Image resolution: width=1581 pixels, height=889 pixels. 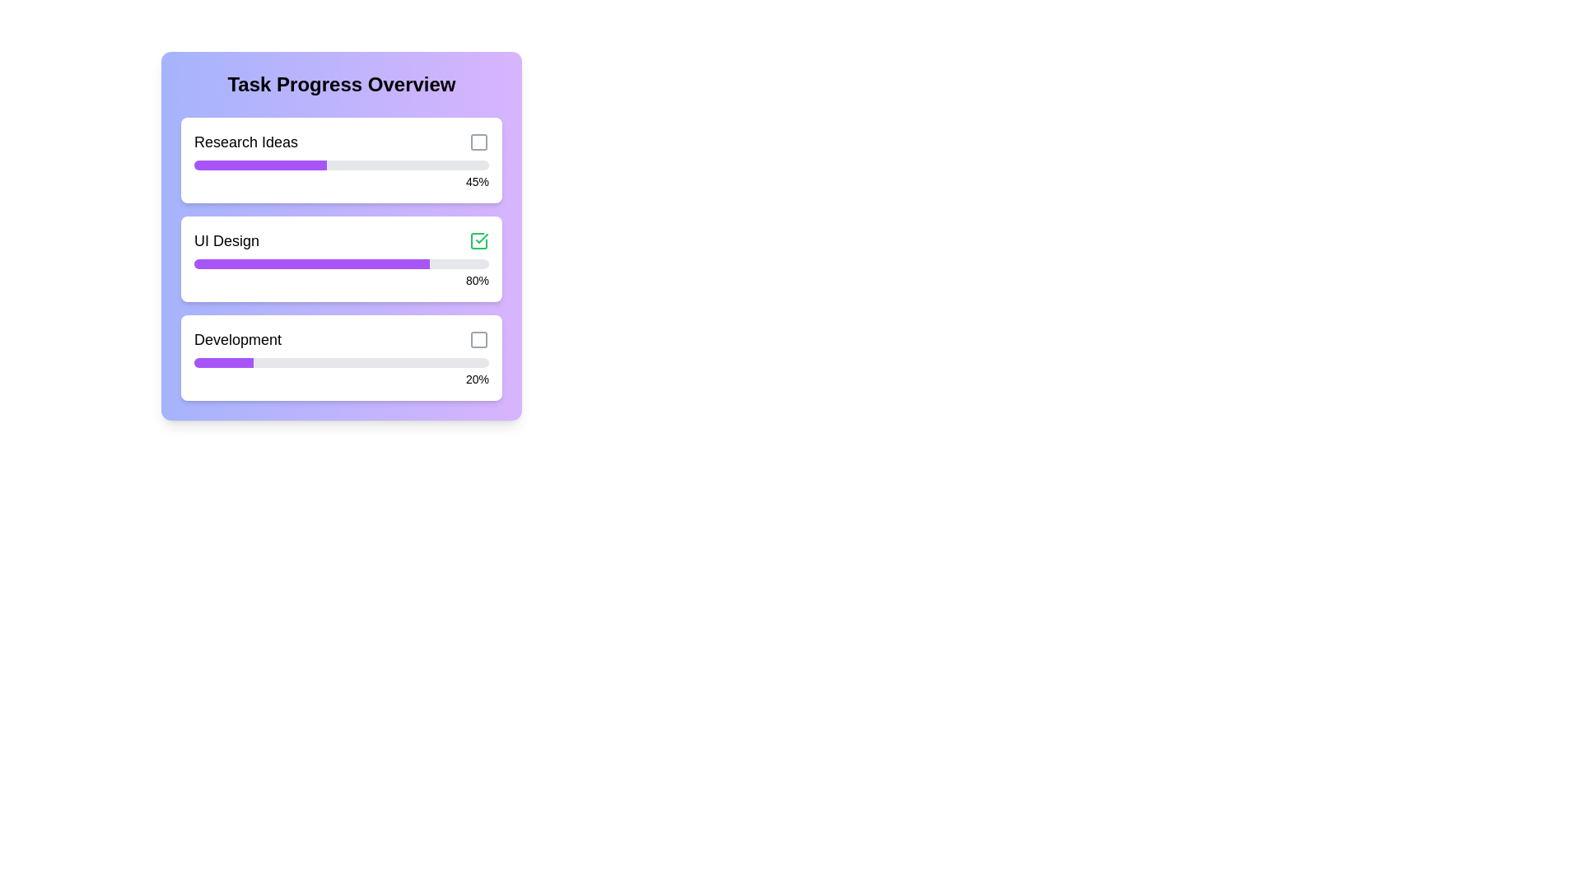 I want to click on the checkbox for the 'Development' task located in the right section of the task overview panel, so click(x=478, y=338).